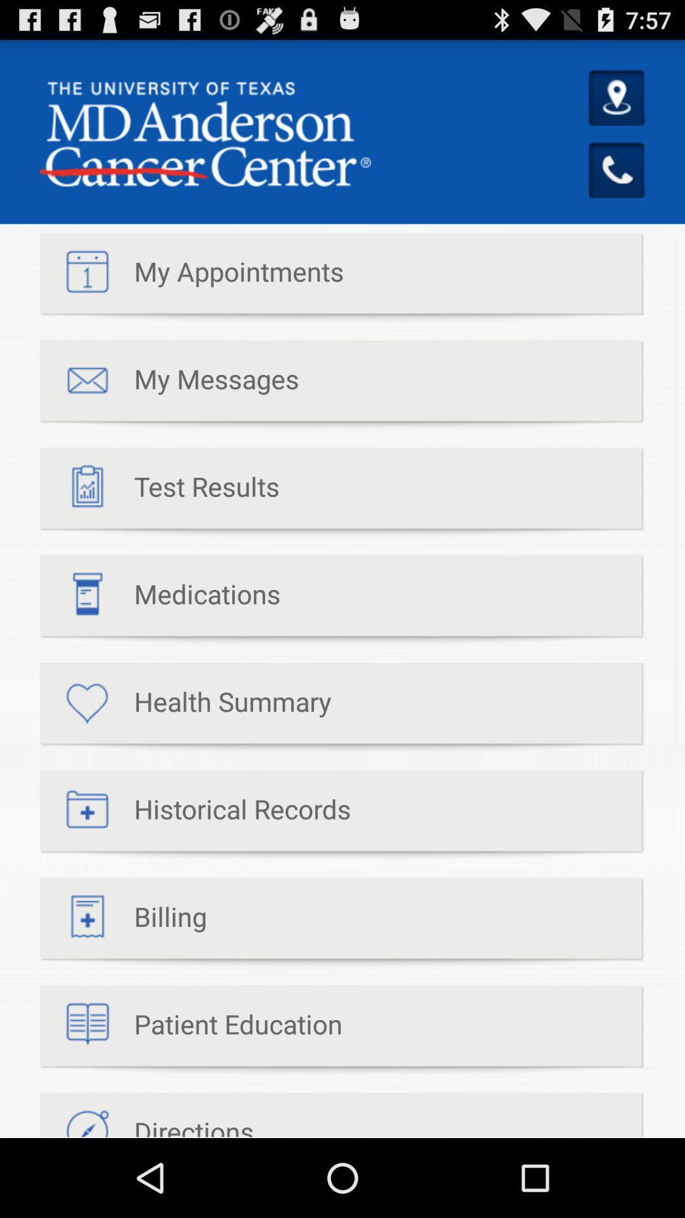 This screenshot has width=685, height=1218. I want to click on health summary, so click(185, 707).